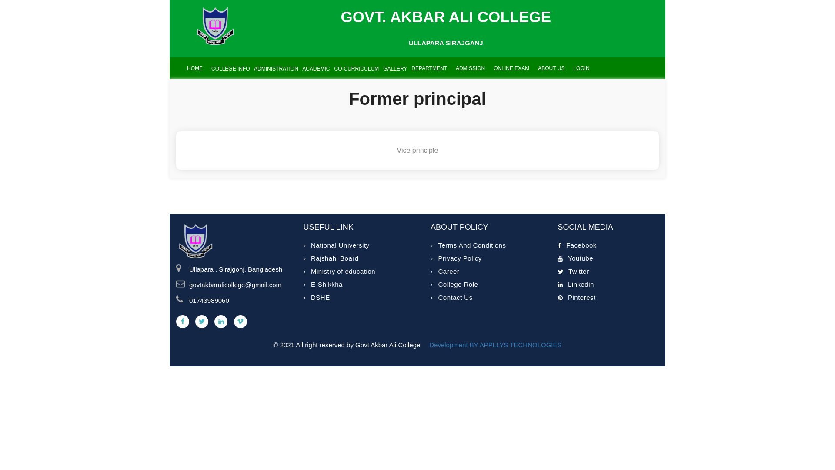 This screenshot has height=470, width=835. What do you see at coordinates (323, 284) in the screenshot?
I see `'E-Shikkha'` at bounding box center [323, 284].